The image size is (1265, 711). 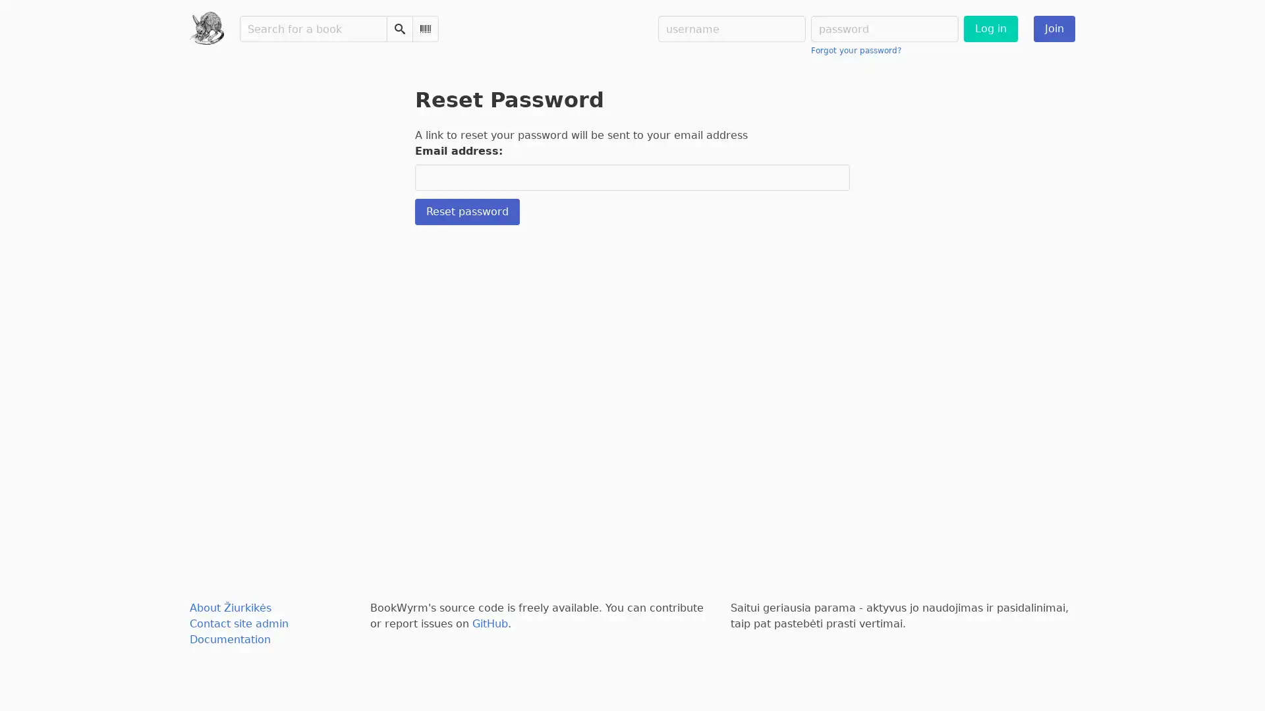 I want to click on Log in, so click(x=990, y=28).